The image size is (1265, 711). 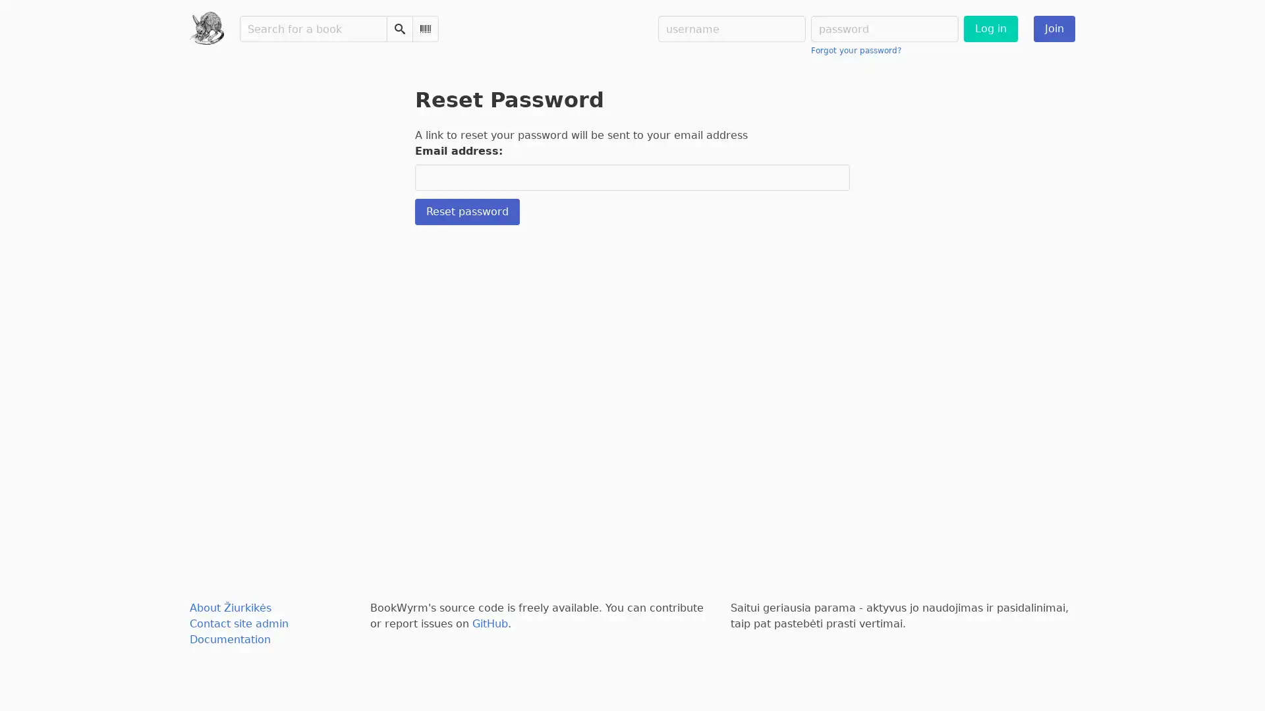 I want to click on Log in, so click(x=990, y=28).